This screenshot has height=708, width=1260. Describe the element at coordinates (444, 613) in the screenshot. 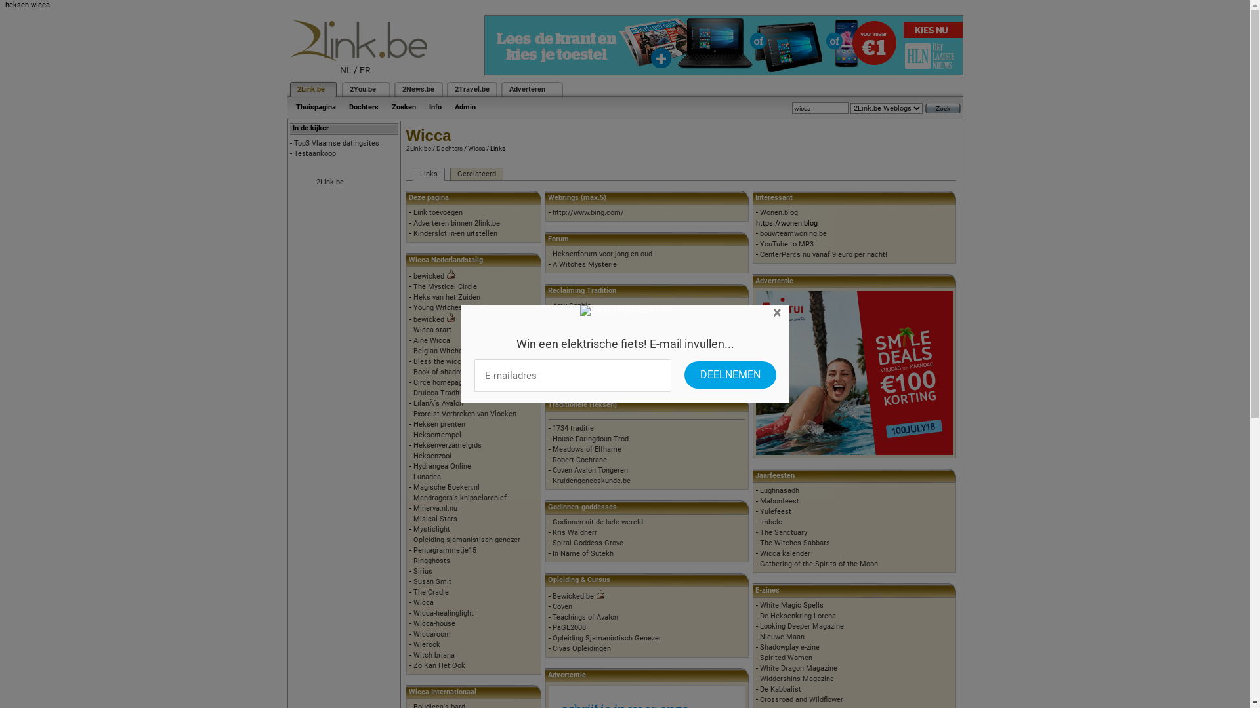

I see `'Wicca-healinglight'` at that location.